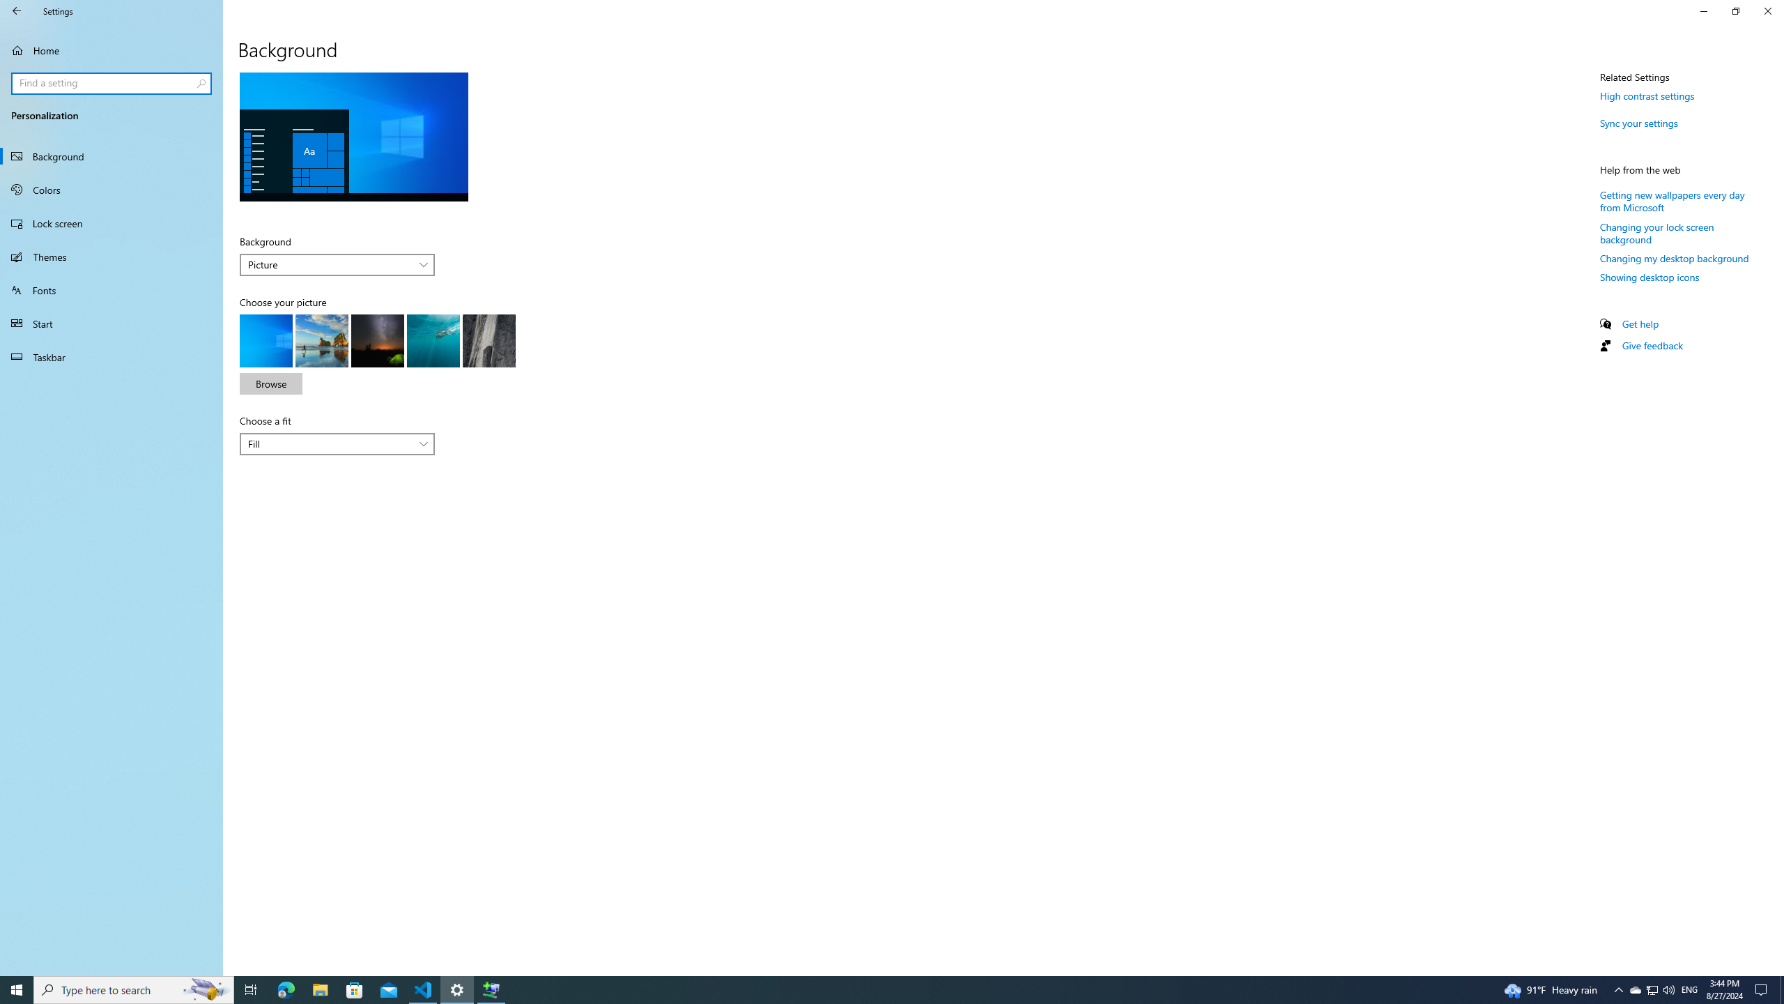 Image resolution: width=1784 pixels, height=1004 pixels. What do you see at coordinates (1672, 200) in the screenshot?
I see `'Getting new wallpapers every day from Microsoft'` at bounding box center [1672, 200].